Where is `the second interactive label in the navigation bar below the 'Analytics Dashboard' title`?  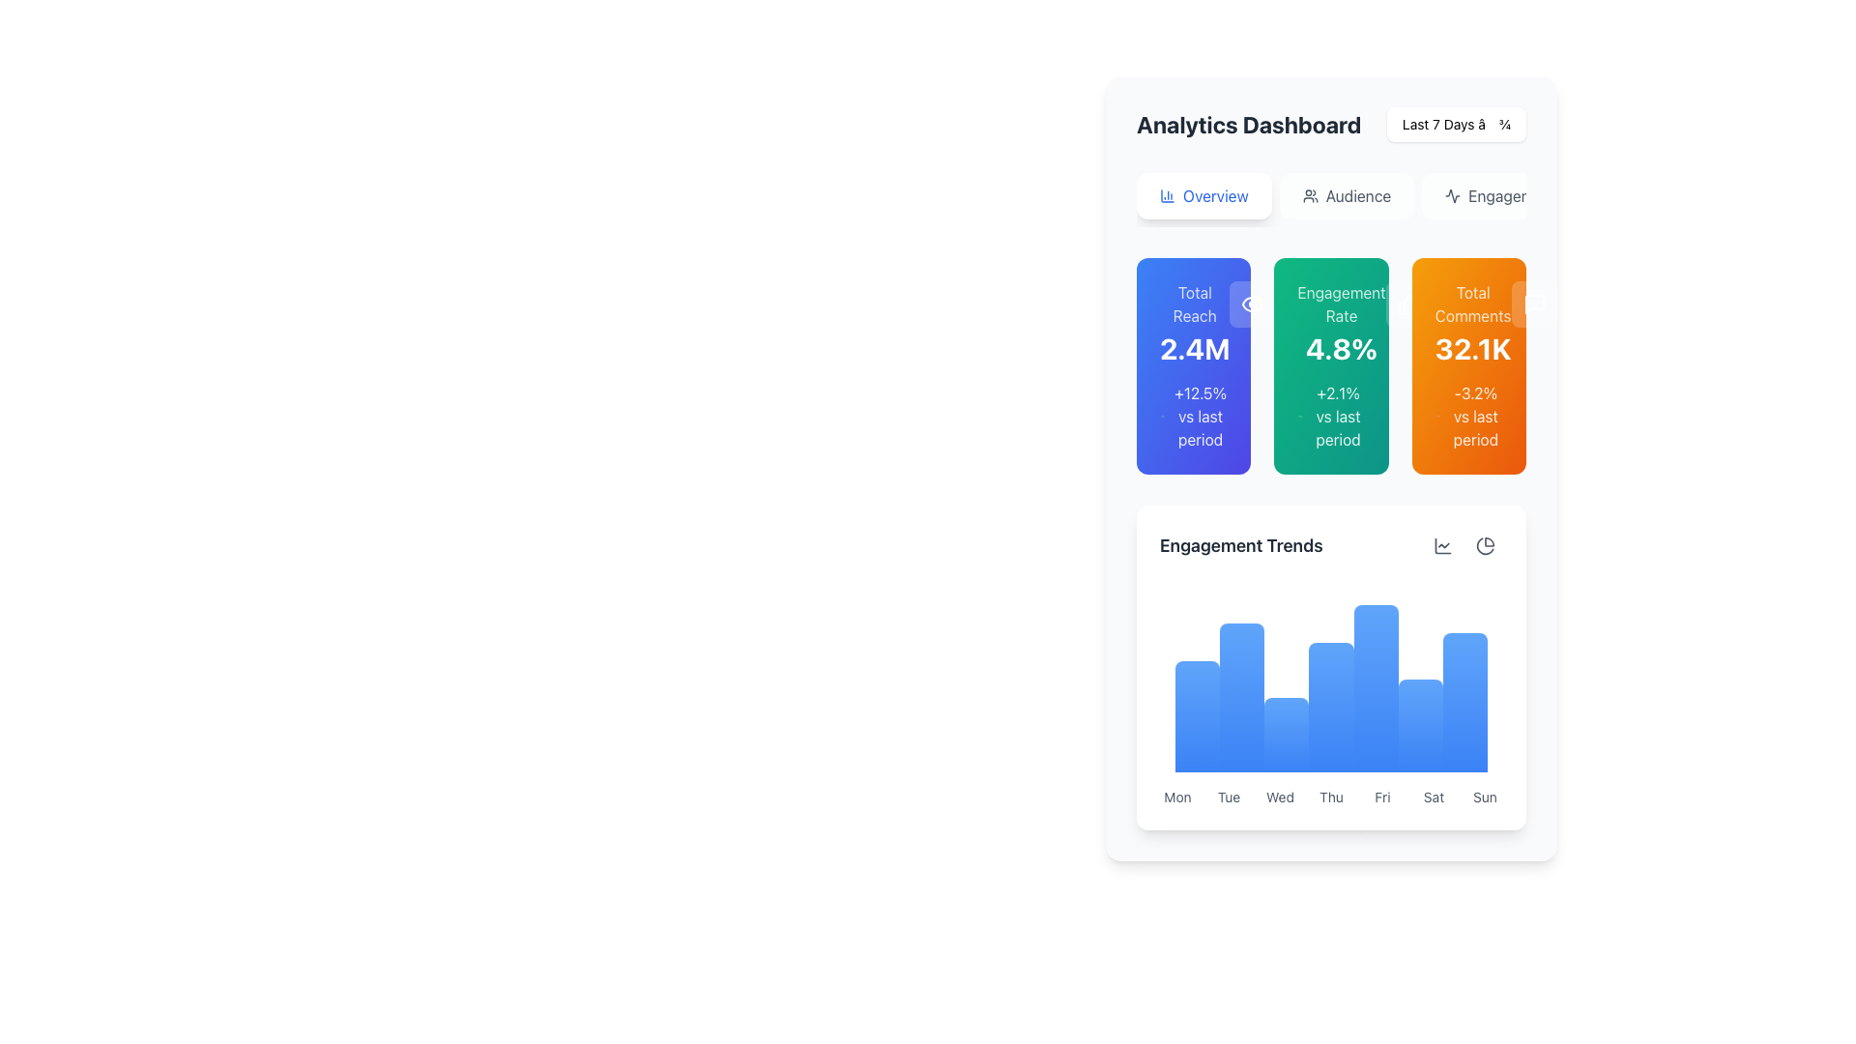 the second interactive label in the navigation bar below the 'Analytics Dashboard' title is located at coordinates (1357, 196).